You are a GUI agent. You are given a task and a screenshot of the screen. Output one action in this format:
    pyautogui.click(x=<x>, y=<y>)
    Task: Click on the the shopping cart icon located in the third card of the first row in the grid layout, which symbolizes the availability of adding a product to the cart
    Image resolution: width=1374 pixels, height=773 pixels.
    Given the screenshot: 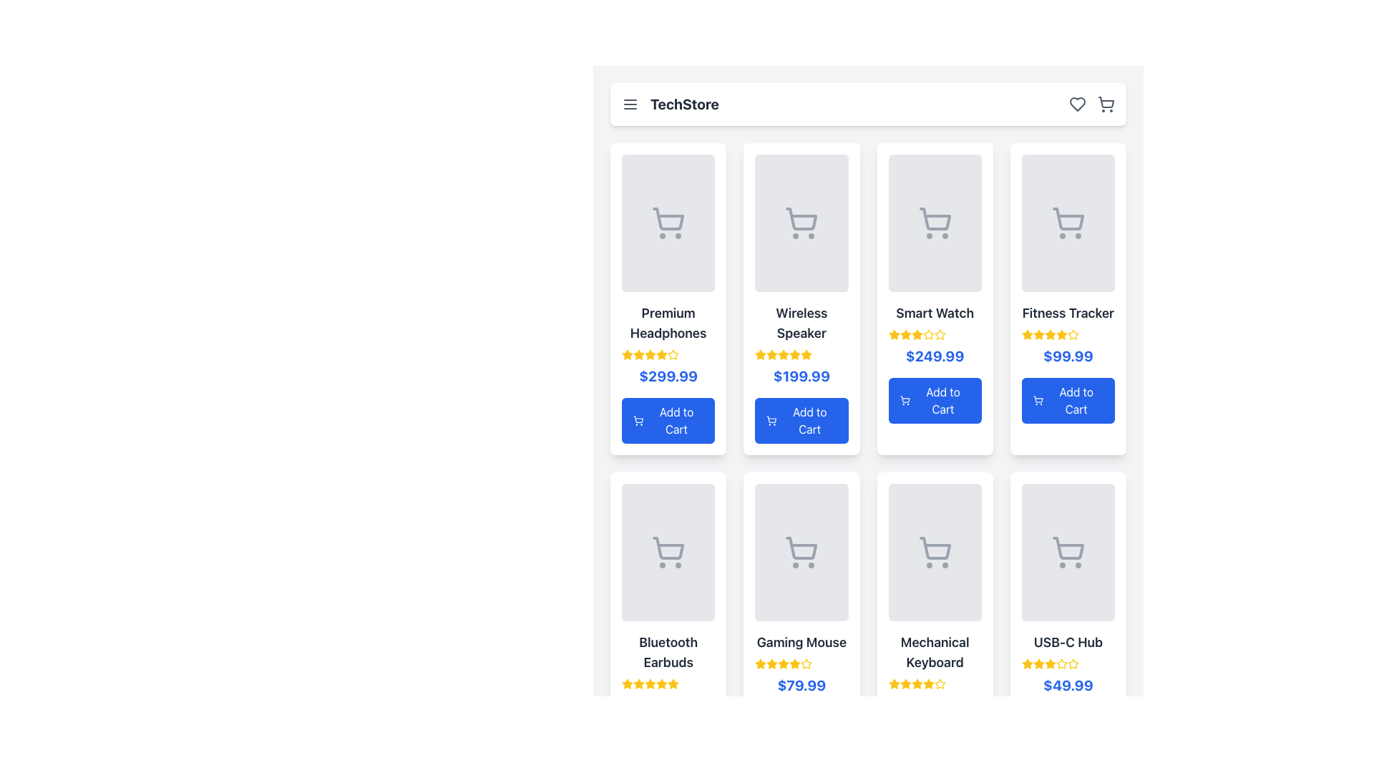 What is the action you would take?
    pyautogui.click(x=935, y=223)
    